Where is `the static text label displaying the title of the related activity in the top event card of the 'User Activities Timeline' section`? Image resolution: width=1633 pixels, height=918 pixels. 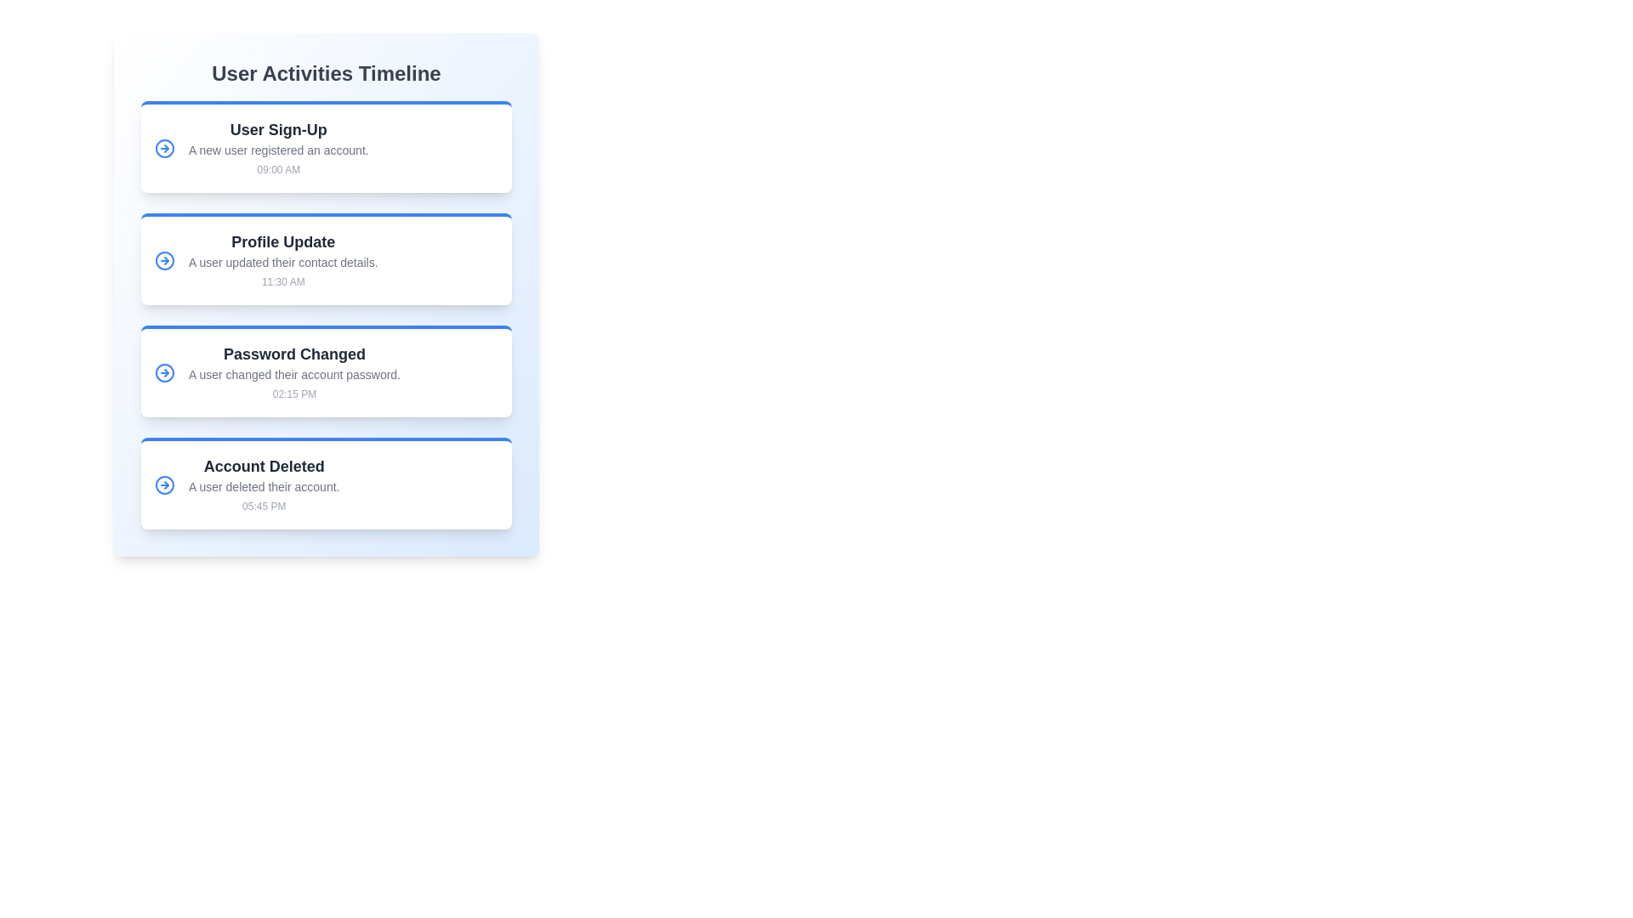
the static text label displaying the title of the related activity in the top event card of the 'User Activities Timeline' section is located at coordinates (278, 129).